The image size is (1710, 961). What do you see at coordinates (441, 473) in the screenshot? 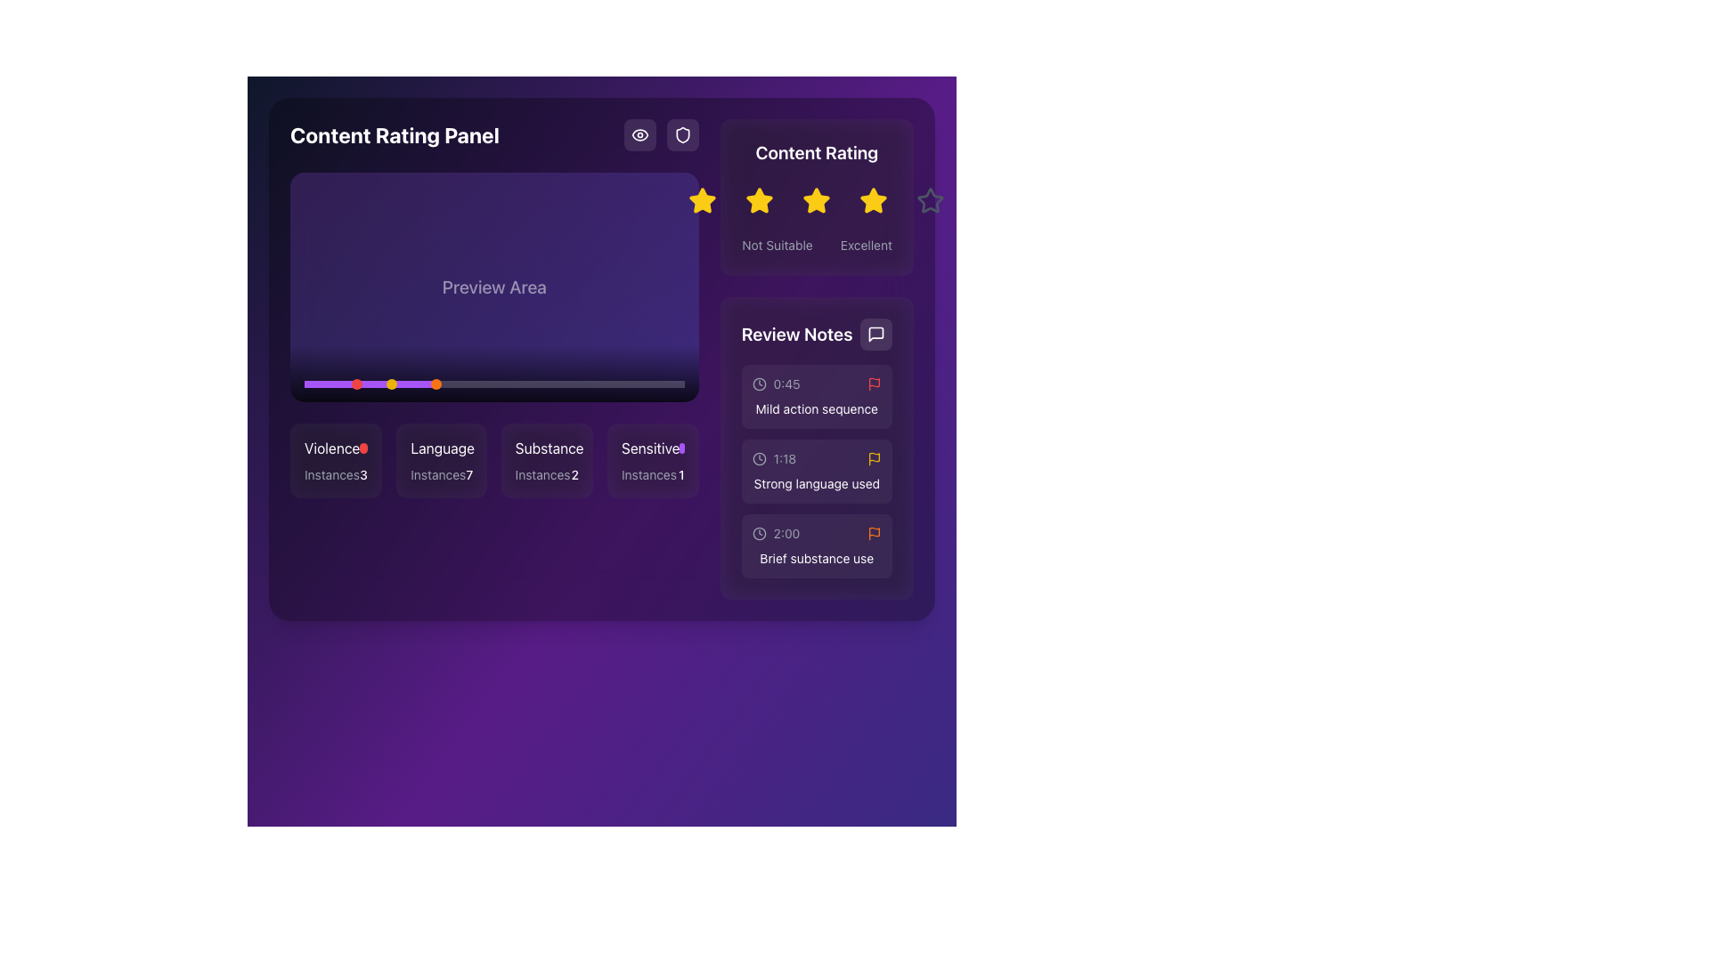
I see `the text label displaying the number of instances for the associated category, located below the 'Language' panel in the content rating categories` at bounding box center [441, 473].